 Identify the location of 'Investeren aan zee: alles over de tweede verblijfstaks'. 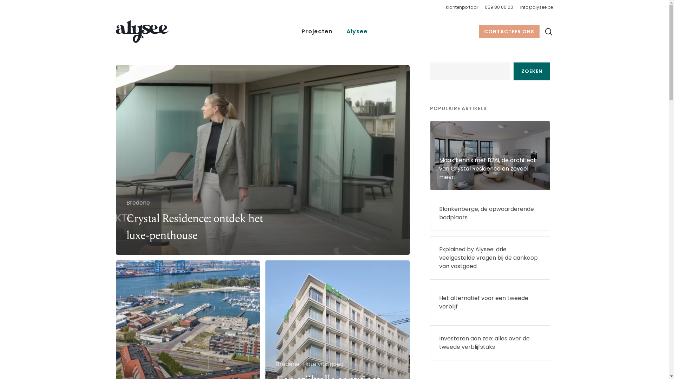
(490, 342).